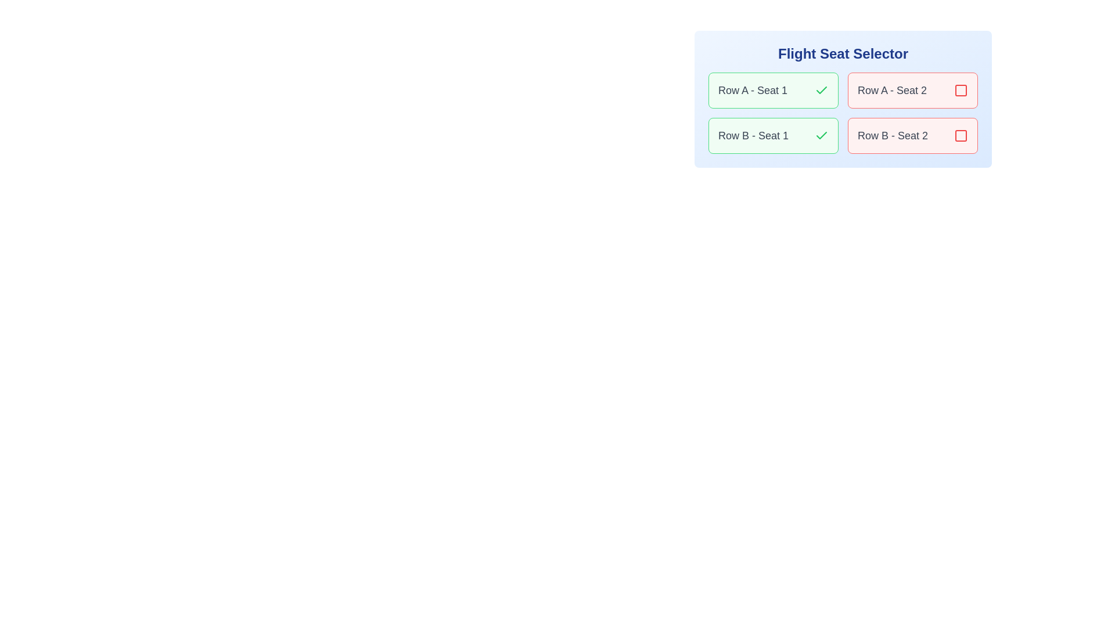  Describe the element at coordinates (821, 89) in the screenshot. I see `the green check mark icon located within the button labeled 'Row B - Seat 1', indicating a confirmation or selection action` at that location.